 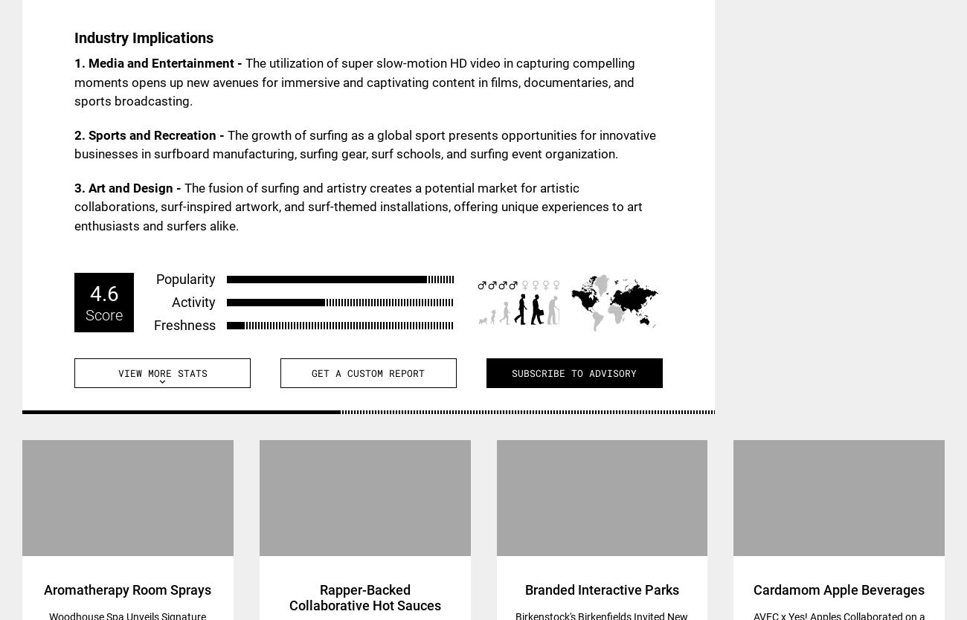 What do you see at coordinates (358, 205) in the screenshot?
I see `'The fusion of surfing and artistry creates a potential market for artistic collaborations, surf-inspired artwork, and surf-themed installations, offering unique experiences to art enthusiasts and surfers alike.'` at bounding box center [358, 205].